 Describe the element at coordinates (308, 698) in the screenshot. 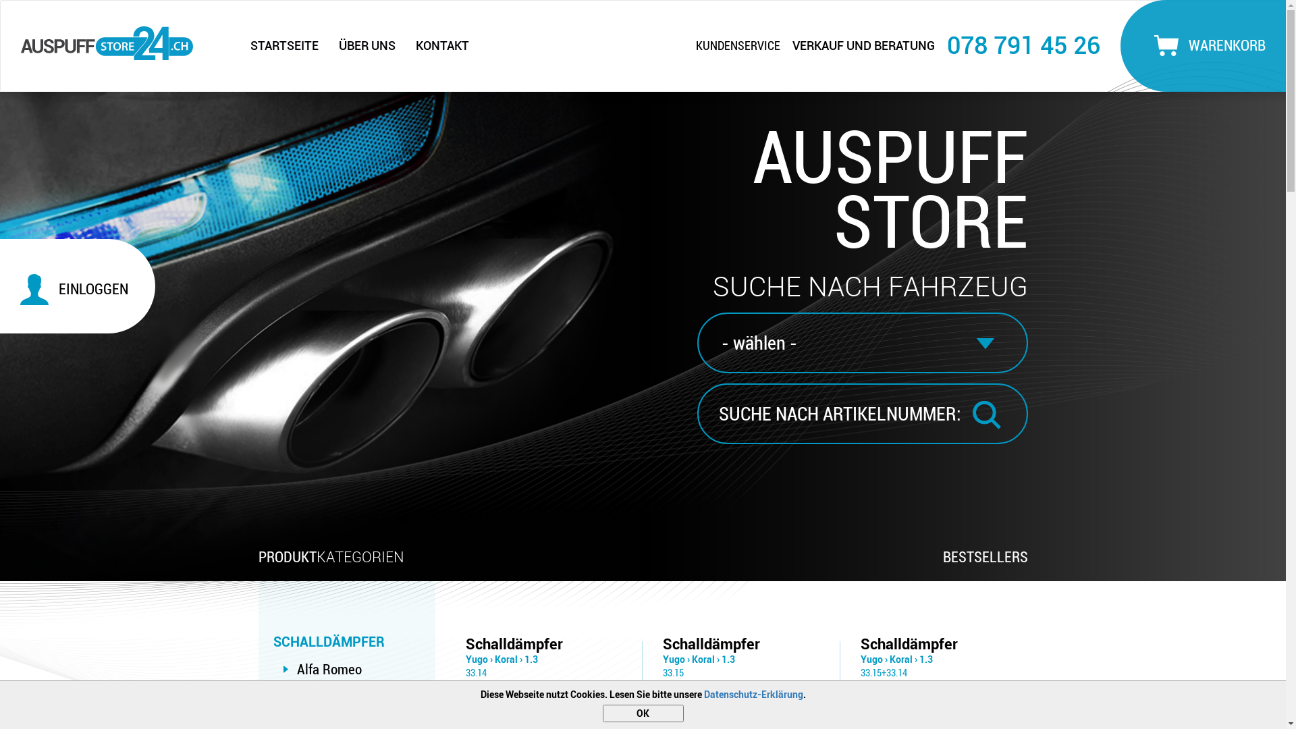

I see `'Audi'` at that location.